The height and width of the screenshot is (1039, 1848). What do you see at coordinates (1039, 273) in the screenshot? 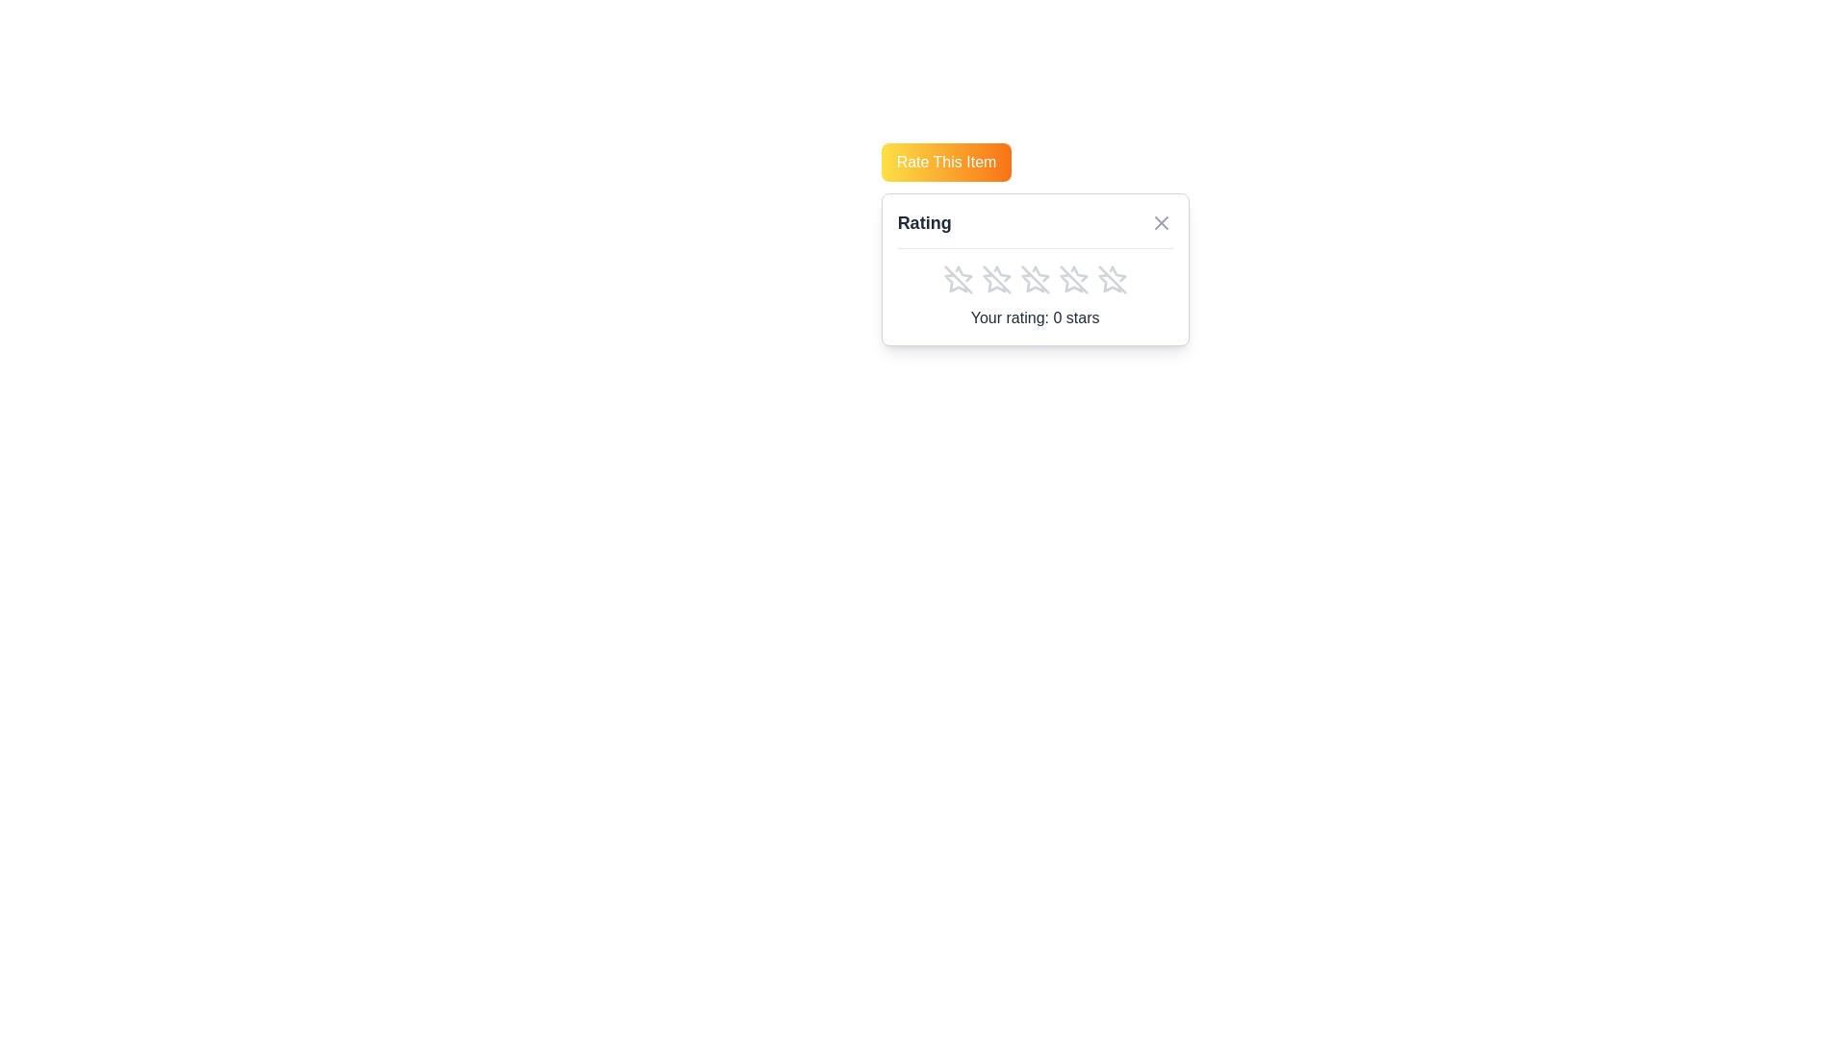
I see `the second star icon in the rating widget` at bounding box center [1039, 273].